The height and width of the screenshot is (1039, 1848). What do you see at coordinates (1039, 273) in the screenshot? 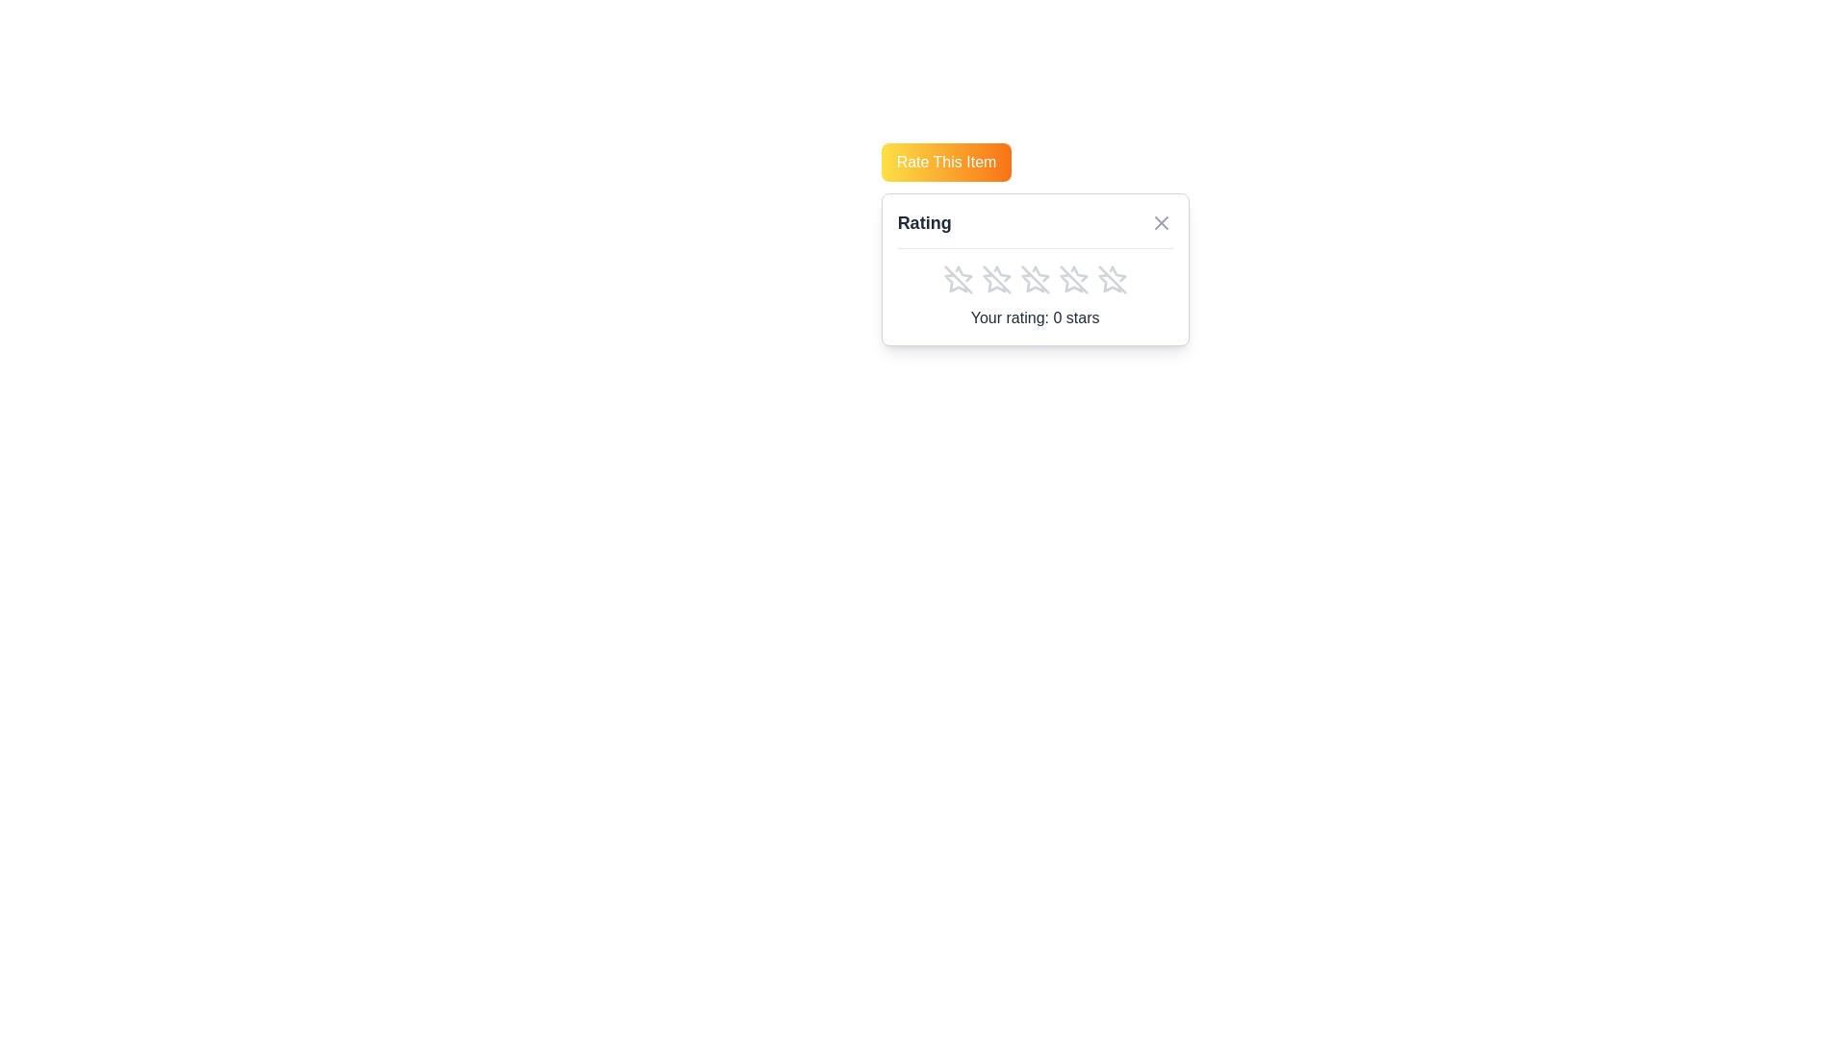
I see `the second star icon in the rating widget` at bounding box center [1039, 273].